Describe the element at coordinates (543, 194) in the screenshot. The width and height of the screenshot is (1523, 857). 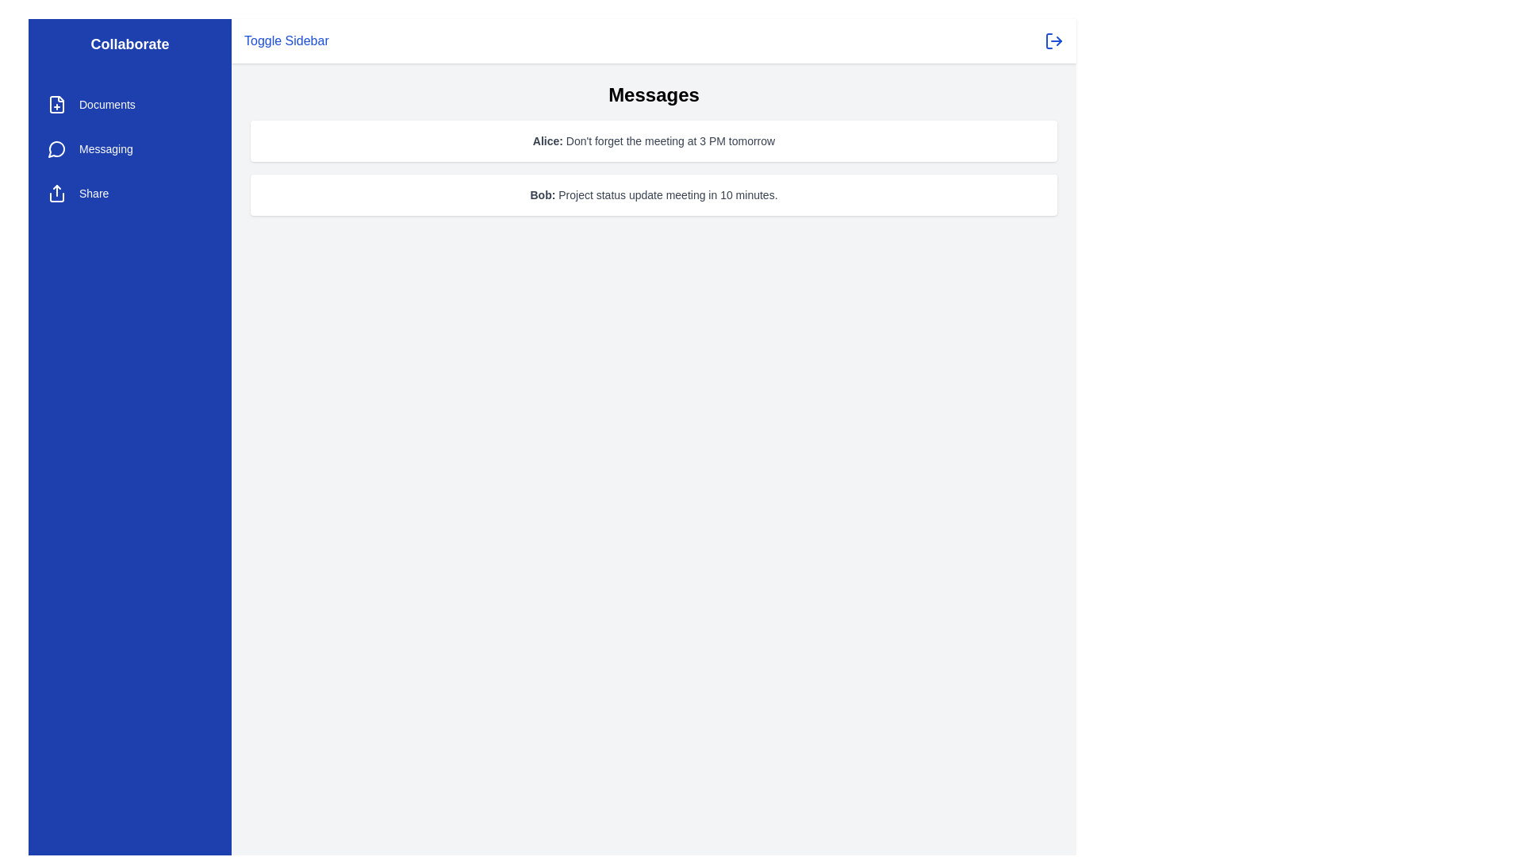
I see `the static text label 'Bob:' which is styled in bold and located at the beginning of the second message box containing 'Project status update meeting in 10 minutes.'` at that location.